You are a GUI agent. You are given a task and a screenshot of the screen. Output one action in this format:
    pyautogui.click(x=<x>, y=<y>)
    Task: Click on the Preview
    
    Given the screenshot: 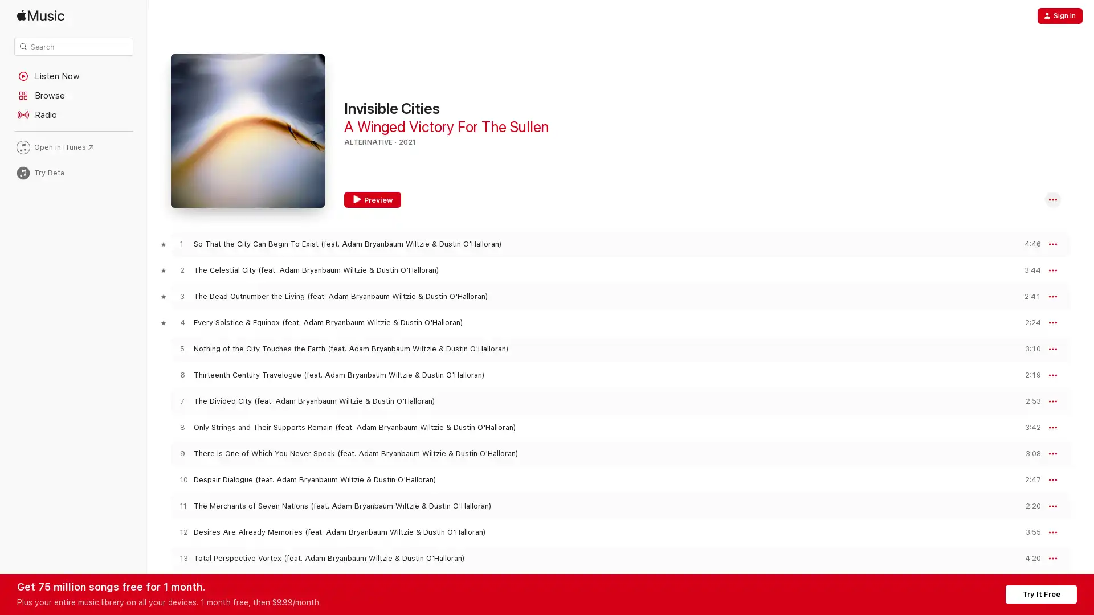 What is the action you would take?
    pyautogui.click(x=1028, y=532)
    